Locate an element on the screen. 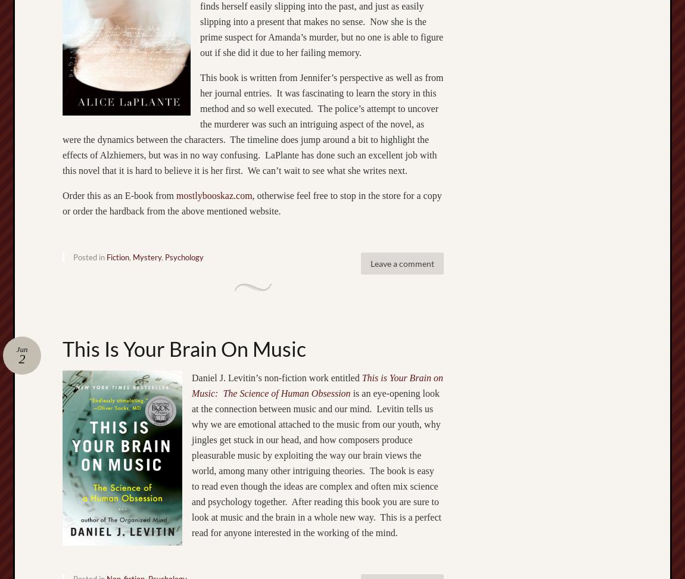  ', otherwise feel free to stop in the store for a copy or order the hardback from the above mentioned website.' is located at coordinates (251, 202).